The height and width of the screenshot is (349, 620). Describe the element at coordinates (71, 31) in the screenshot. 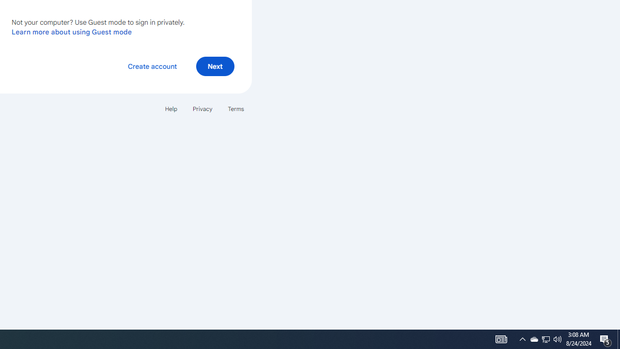

I see `'Learn more about using Guest mode'` at that location.